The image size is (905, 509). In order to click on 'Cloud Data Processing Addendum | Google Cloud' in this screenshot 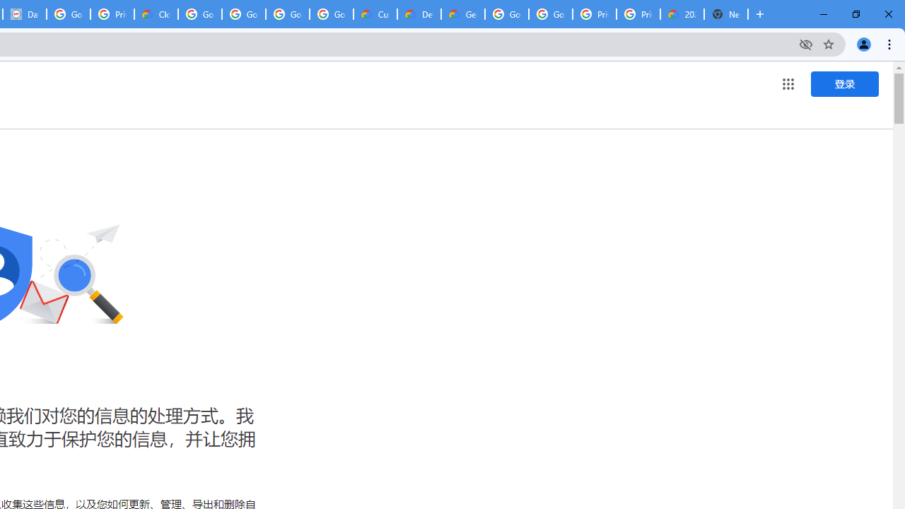, I will do `click(156, 14)`.